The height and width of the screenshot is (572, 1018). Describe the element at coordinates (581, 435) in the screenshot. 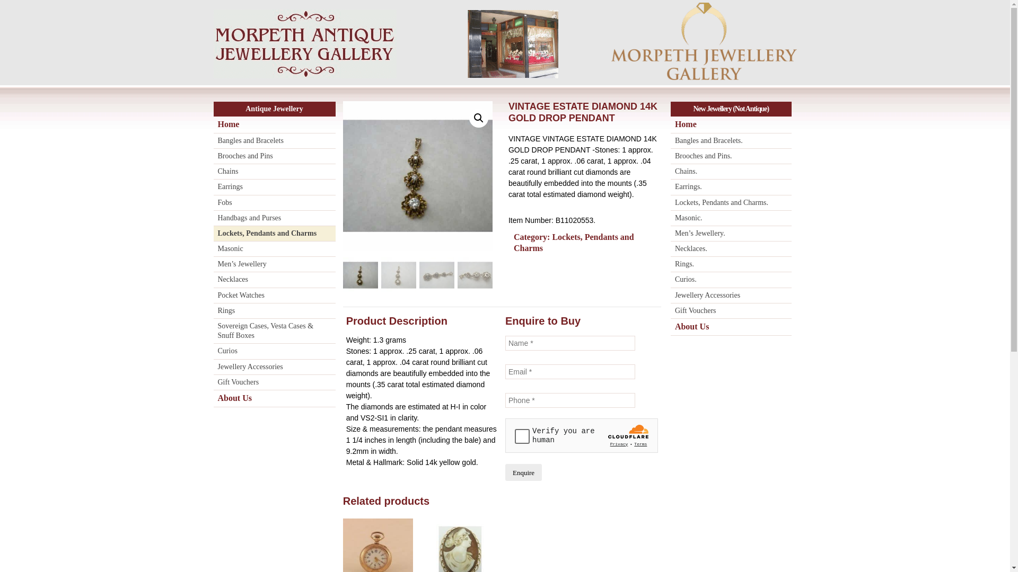

I see `'Widget containing a Cloudflare security challenge'` at that location.